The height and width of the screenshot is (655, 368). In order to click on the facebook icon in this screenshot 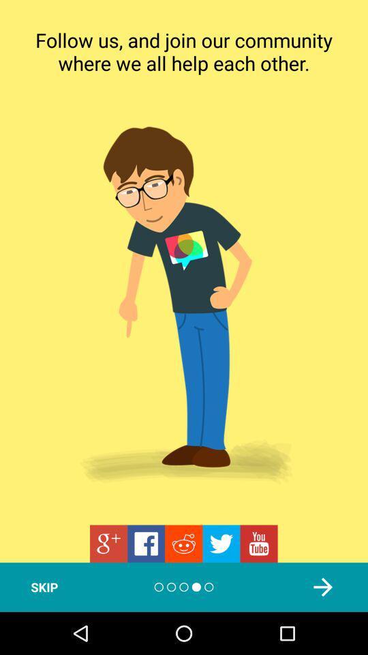, I will do `click(145, 544)`.